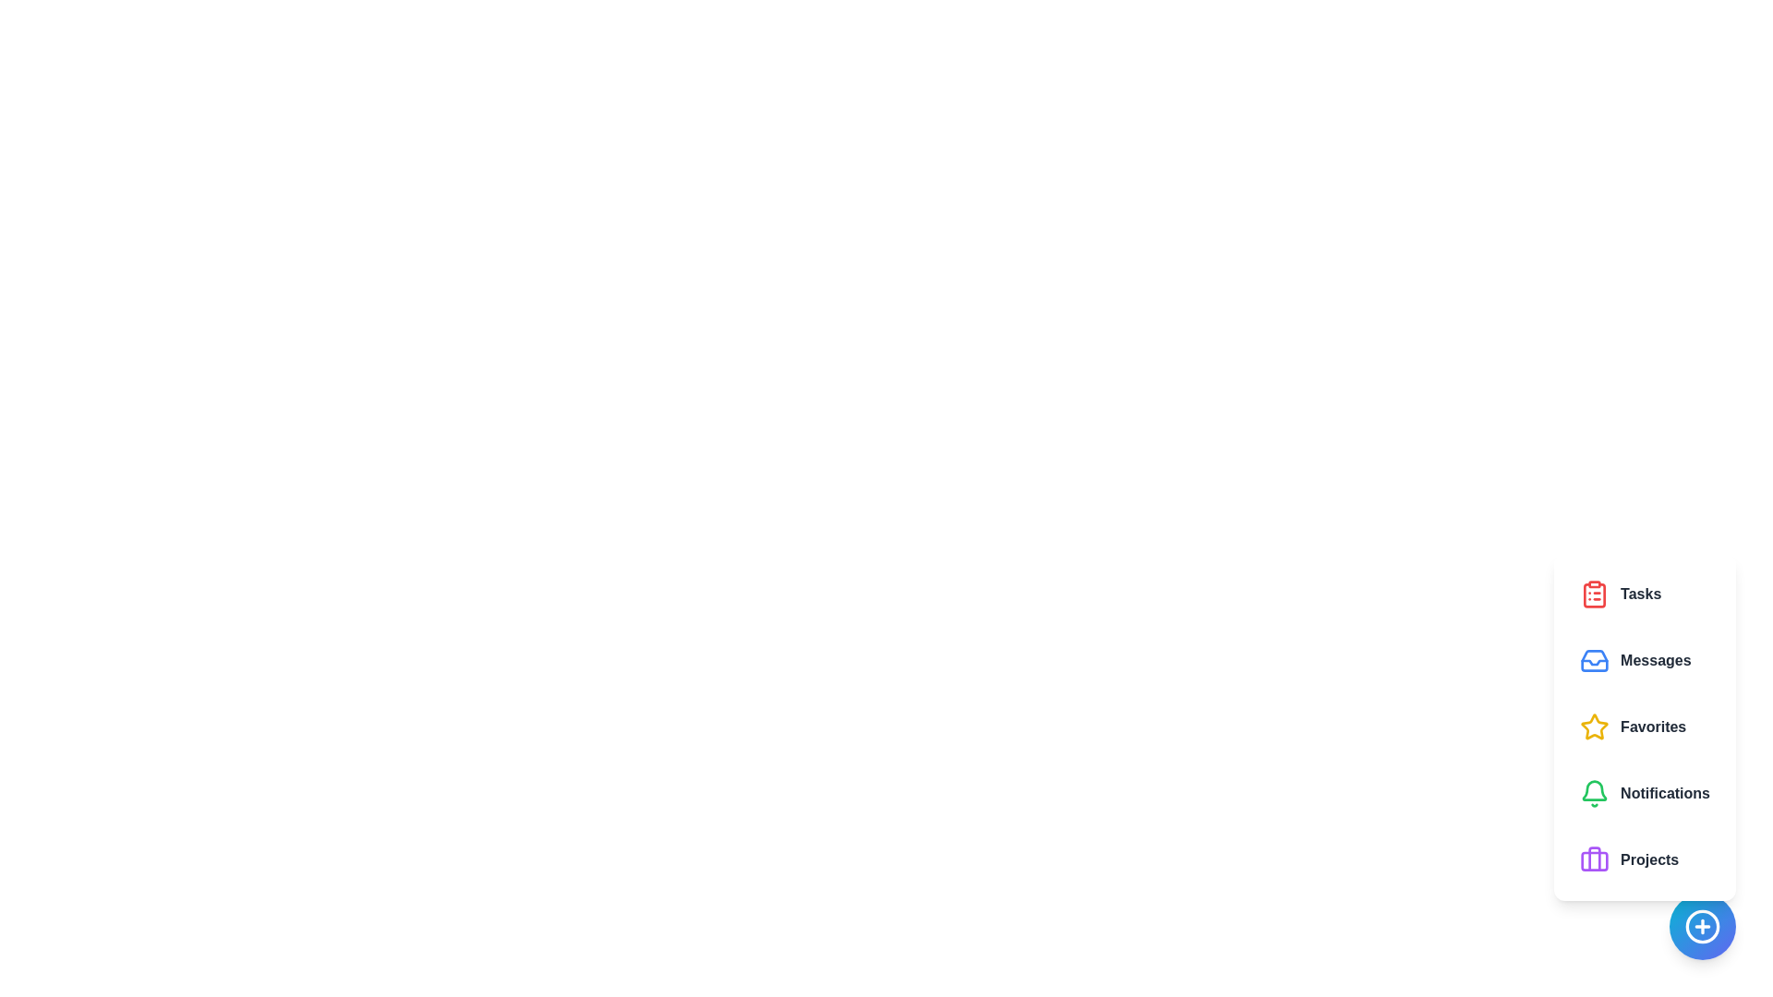 The image size is (1773, 997). What do you see at coordinates (1644, 793) in the screenshot?
I see `the feature button corresponding to Notifications` at bounding box center [1644, 793].